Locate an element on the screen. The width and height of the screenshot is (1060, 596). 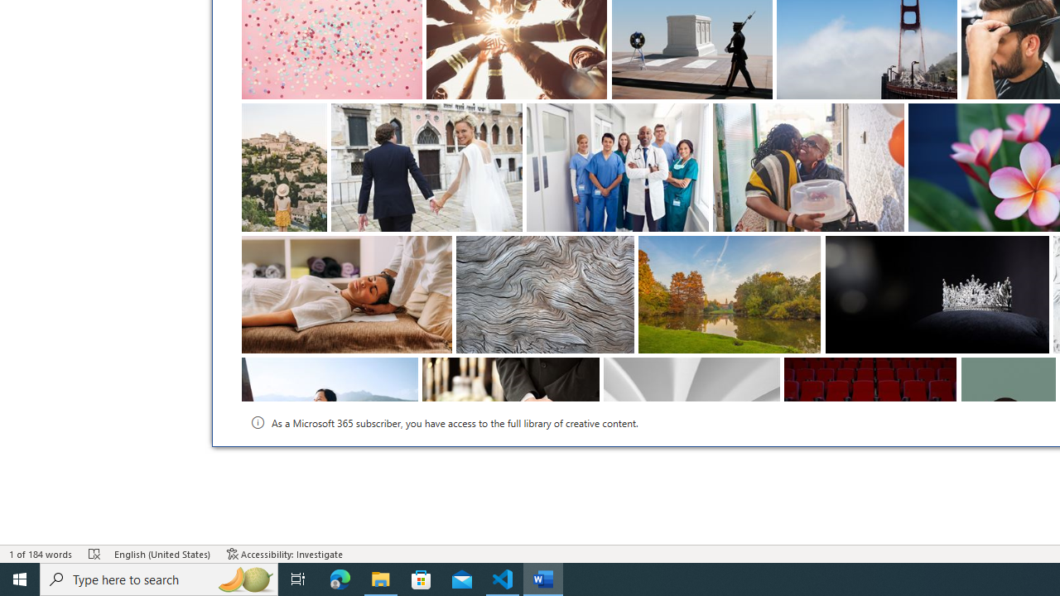
'Type here to search' is located at coordinates (159, 578).